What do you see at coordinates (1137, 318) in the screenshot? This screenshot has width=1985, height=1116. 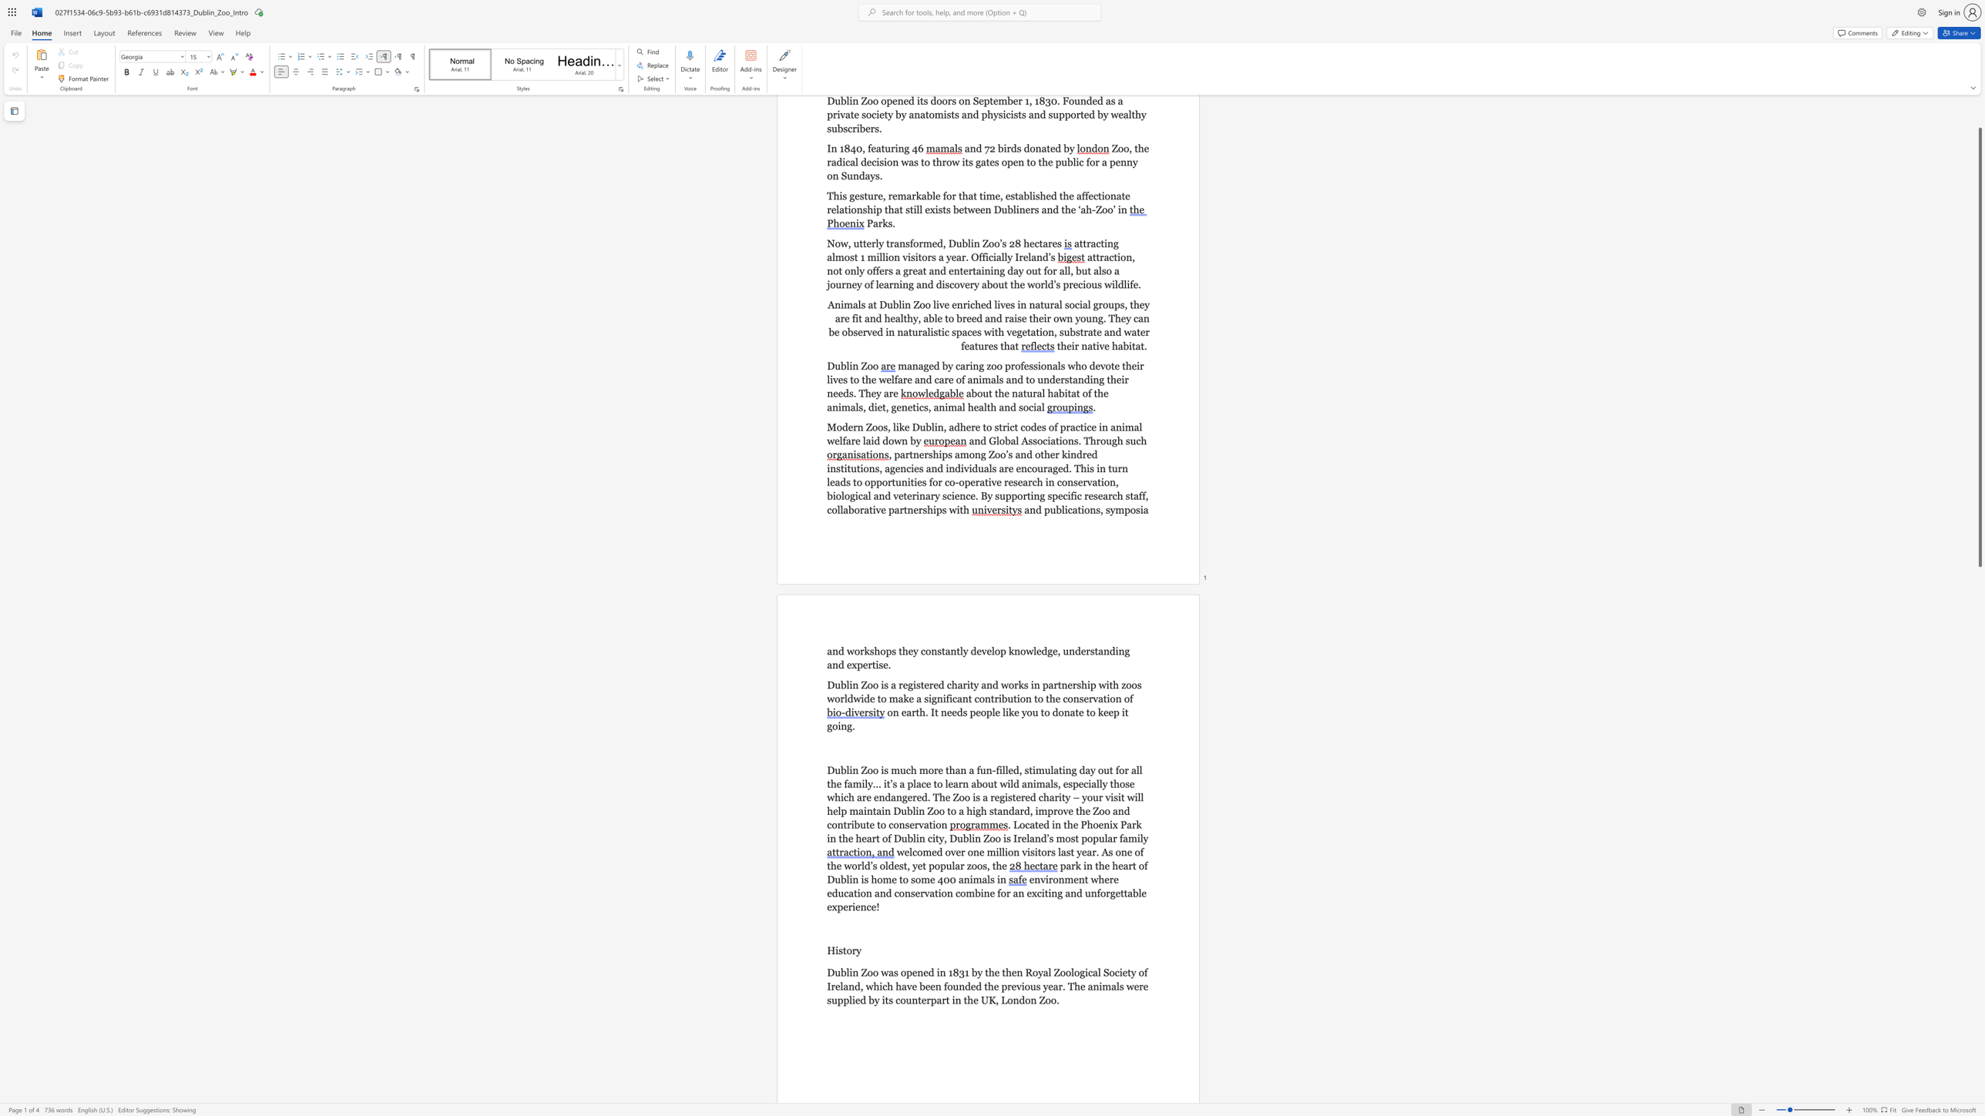 I see `the subset text "an" within the text "Animals at Dublin Zoo live enriched lives in natural social groups, they are fit and healthy, able to breed and raise their own young. They can be"` at bounding box center [1137, 318].